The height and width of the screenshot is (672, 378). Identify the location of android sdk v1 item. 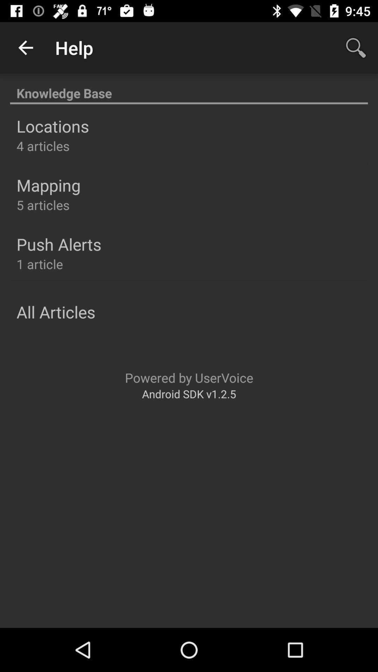
(189, 394).